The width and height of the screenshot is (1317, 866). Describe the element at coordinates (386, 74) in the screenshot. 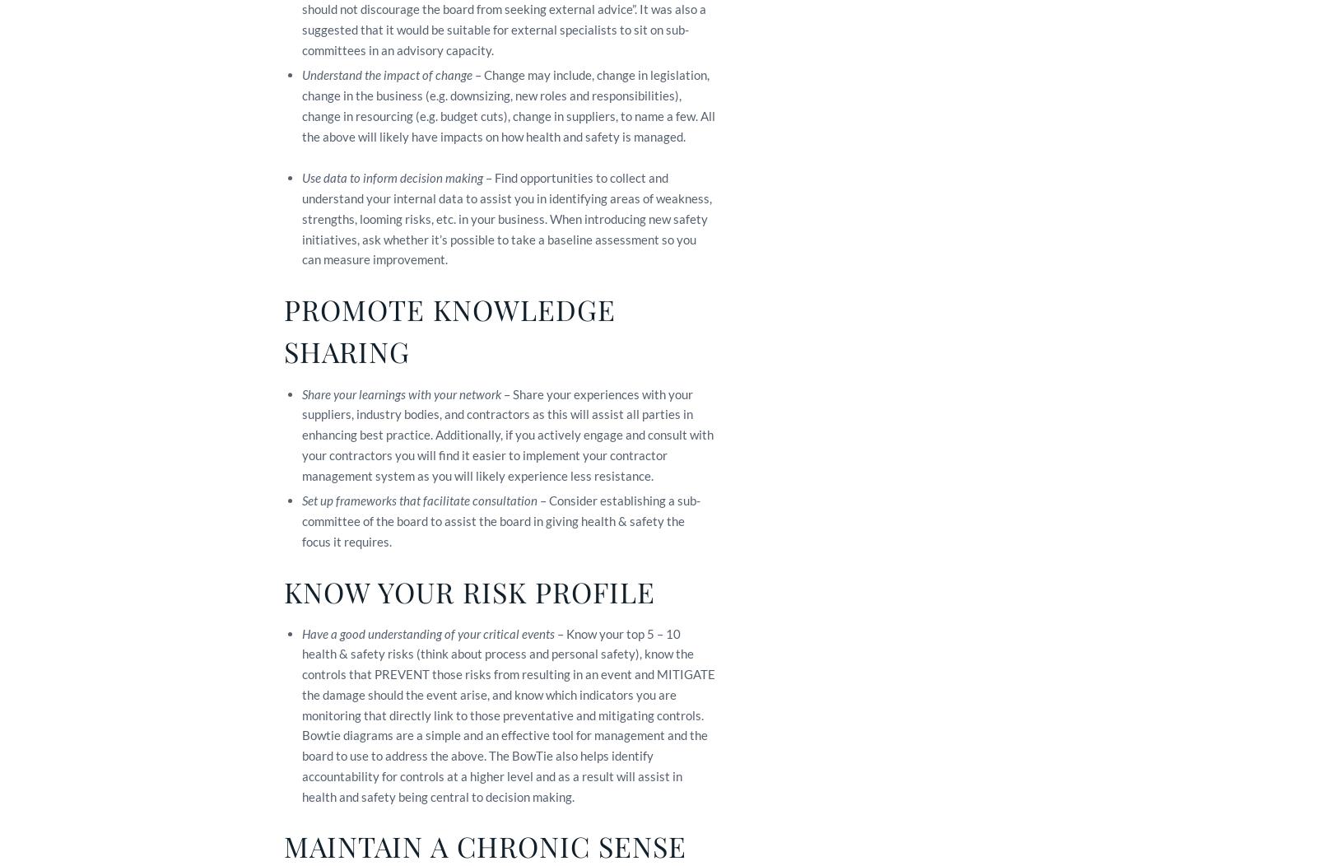

I see `'Understand the impact of change'` at that location.